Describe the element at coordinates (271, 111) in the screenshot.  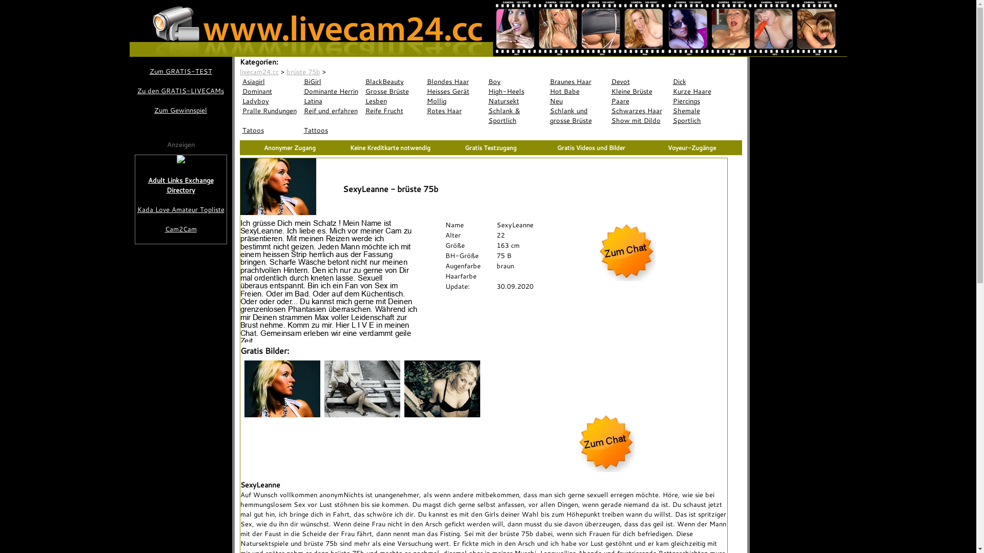
I see `'Pralle Rundungen'` at that location.